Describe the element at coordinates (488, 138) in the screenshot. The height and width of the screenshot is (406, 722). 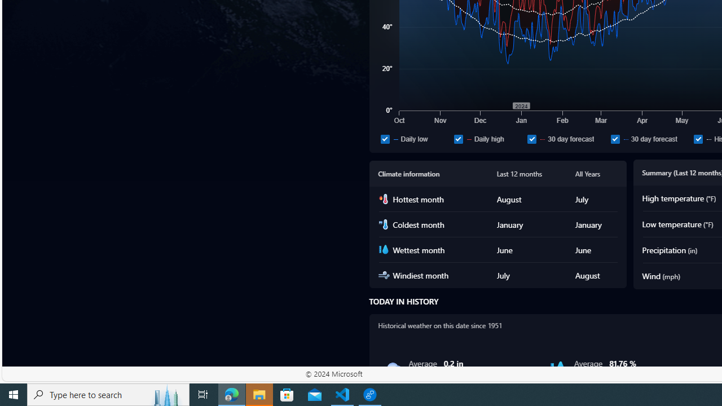
I see `'Daily high'` at that location.